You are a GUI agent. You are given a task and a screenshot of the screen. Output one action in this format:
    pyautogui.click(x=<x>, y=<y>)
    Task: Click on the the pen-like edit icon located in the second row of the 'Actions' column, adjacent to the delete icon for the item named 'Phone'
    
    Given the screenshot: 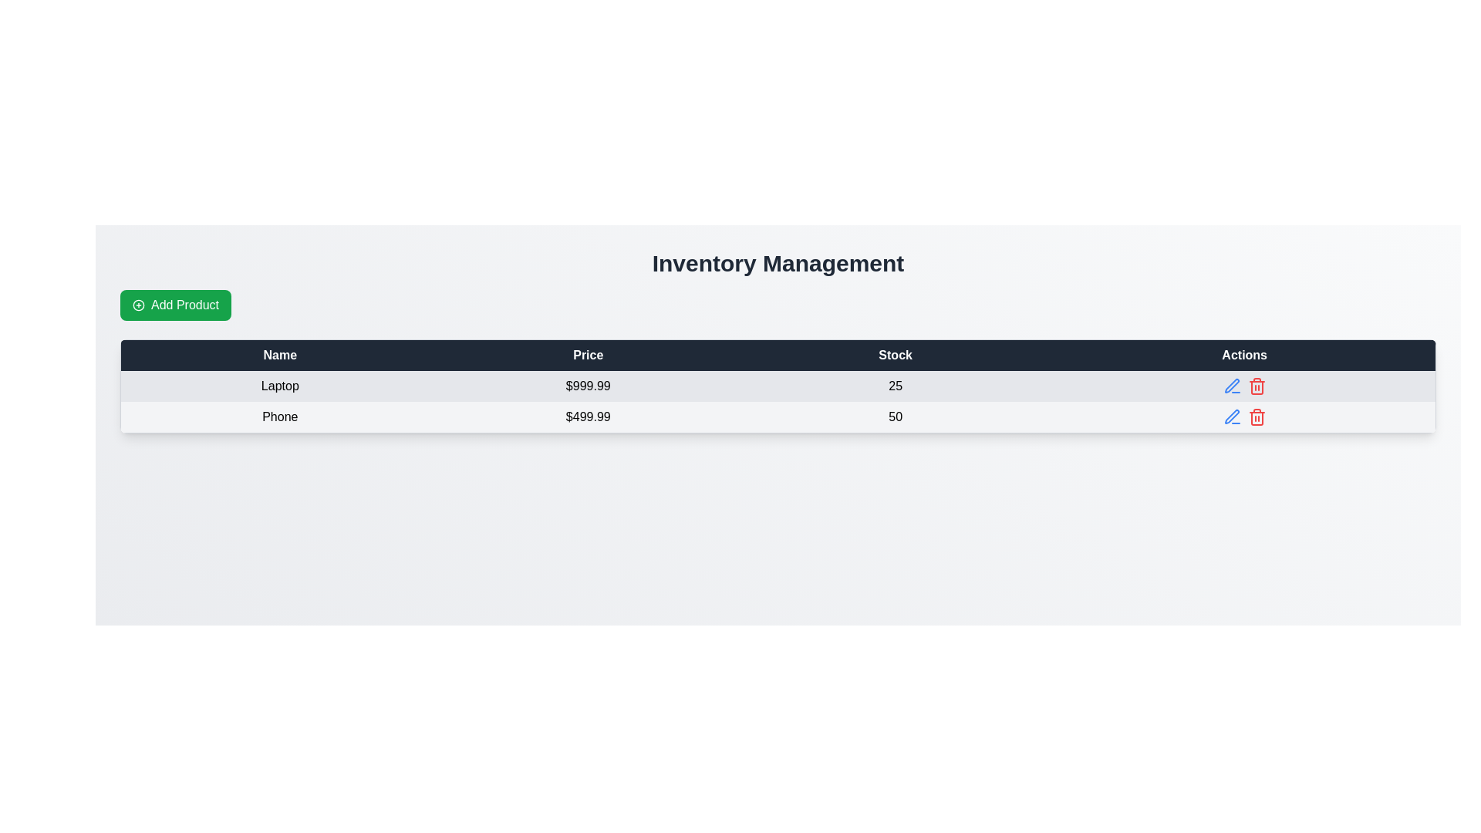 What is the action you would take?
    pyautogui.click(x=1231, y=385)
    